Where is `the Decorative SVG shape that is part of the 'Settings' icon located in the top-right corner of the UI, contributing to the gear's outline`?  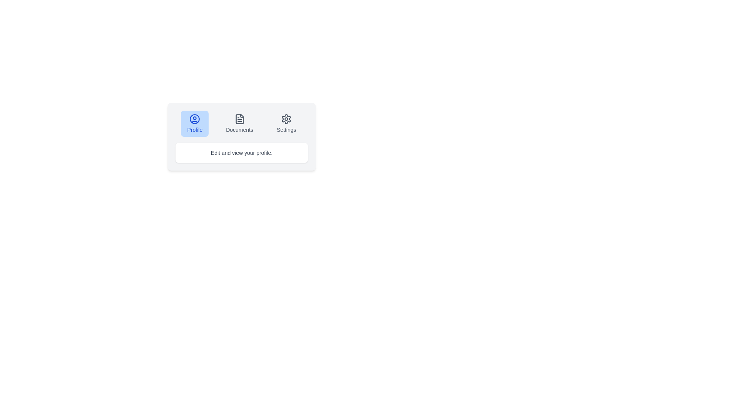
the Decorative SVG shape that is part of the 'Settings' icon located in the top-right corner of the UI, contributing to the gear's outline is located at coordinates (286, 119).